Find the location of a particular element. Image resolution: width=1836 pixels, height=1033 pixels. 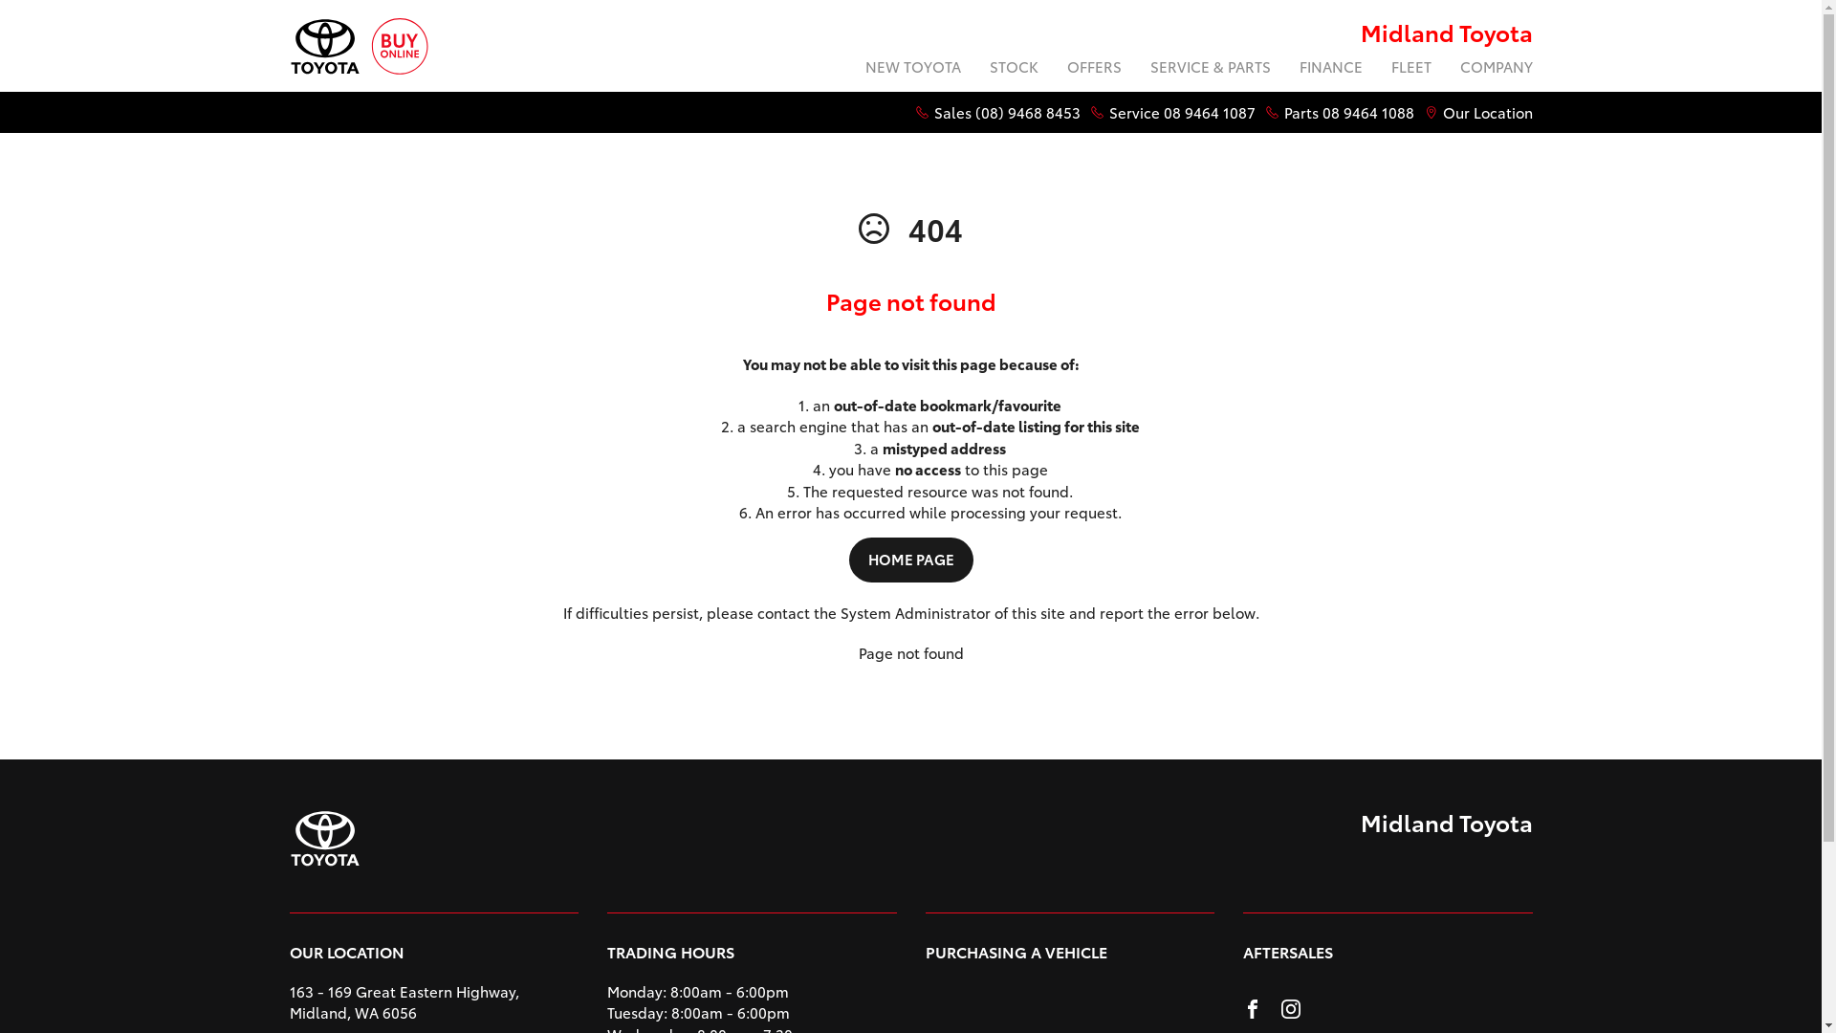

'OFFERS' is located at coordinates (1093, 68).